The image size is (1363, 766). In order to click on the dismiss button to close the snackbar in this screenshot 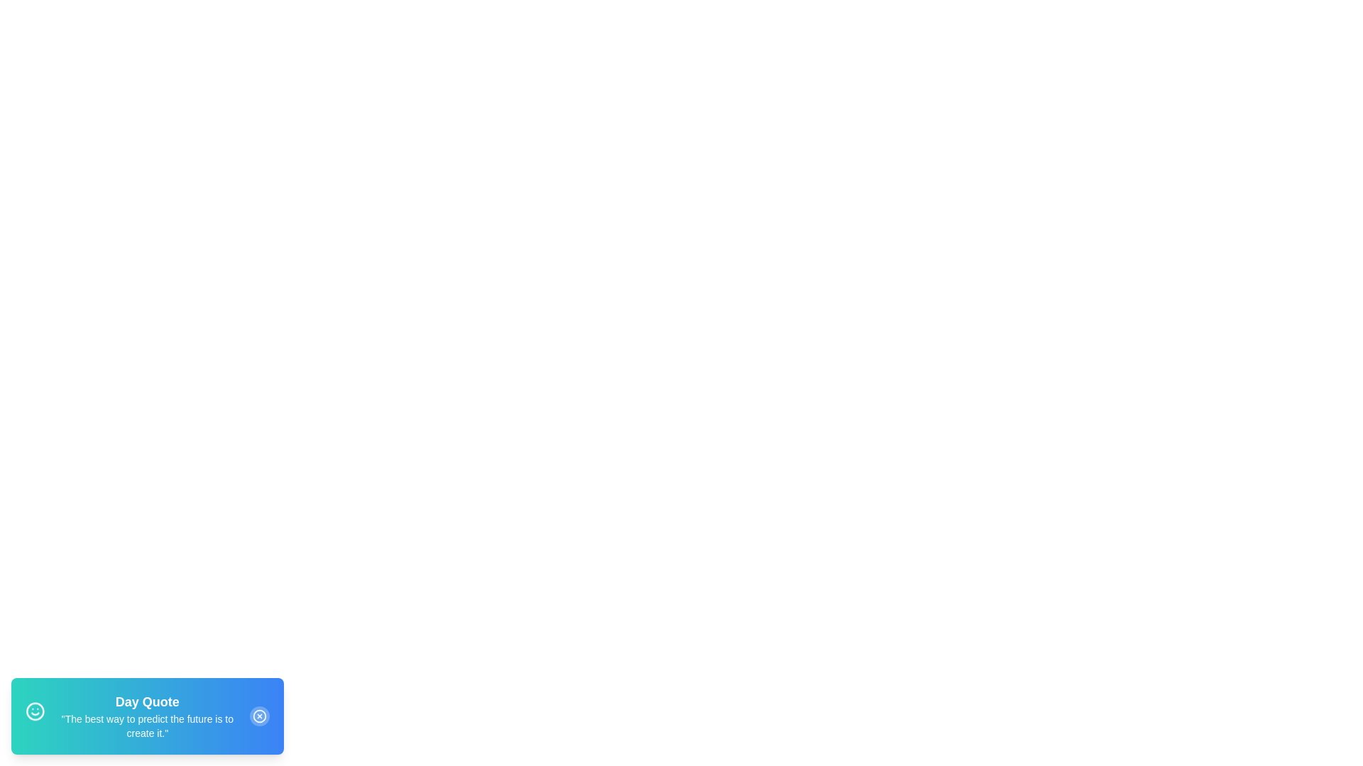, I will do `click(259, 716)`.